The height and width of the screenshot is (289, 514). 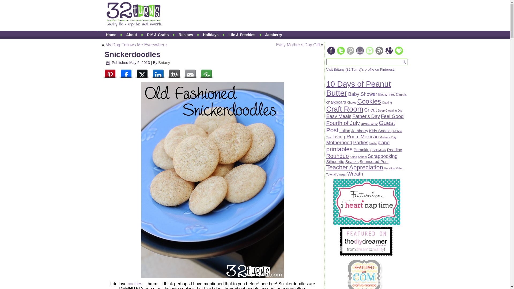 I want to click on 'Vacation', so click(x=384, y=168).